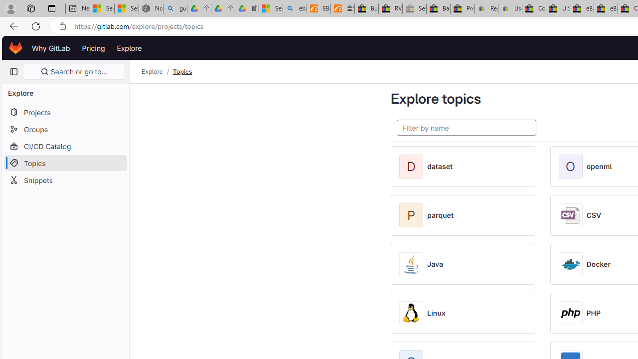 This screenshot has width=638, height=359. What do you see at coordinates (182, 71) in the screenshot?
I see `'Topics'` at bounding box center [182, 71].